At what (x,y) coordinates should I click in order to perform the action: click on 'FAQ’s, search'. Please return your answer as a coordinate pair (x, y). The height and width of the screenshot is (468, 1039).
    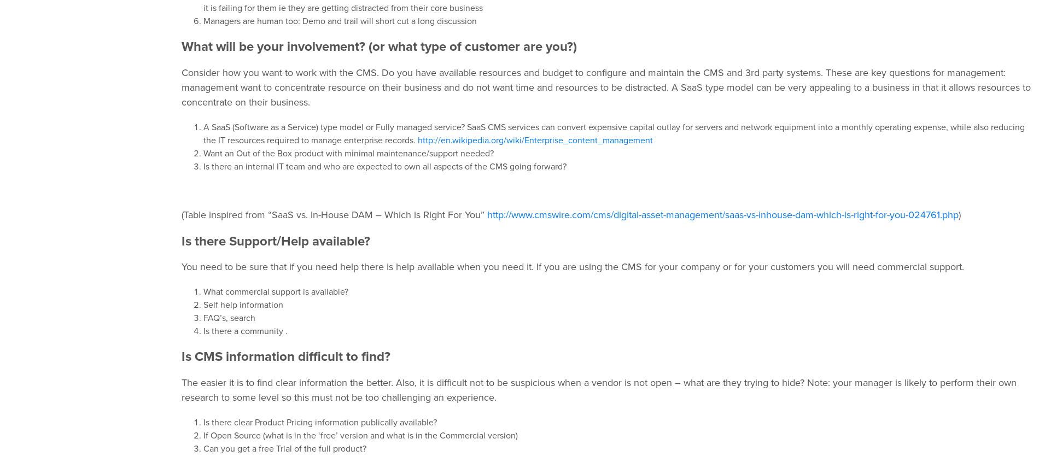
    Looking at the image, I should click on (202, 318).